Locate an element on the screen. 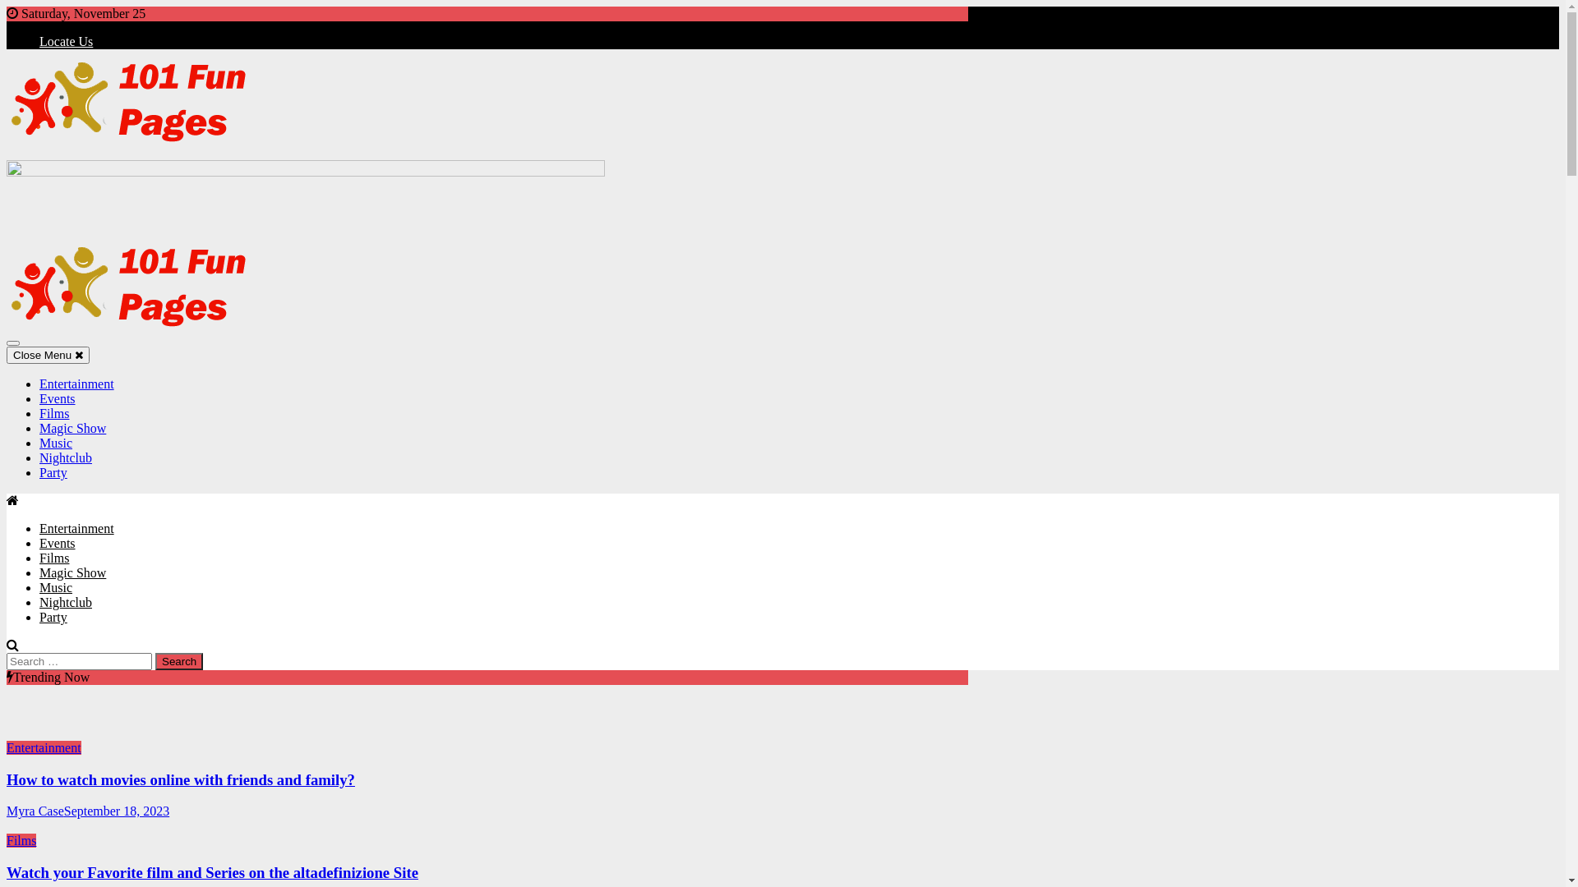 The height and width of the screenshot is (887, 1578). 'Party' is located at coordinates (53, 472).